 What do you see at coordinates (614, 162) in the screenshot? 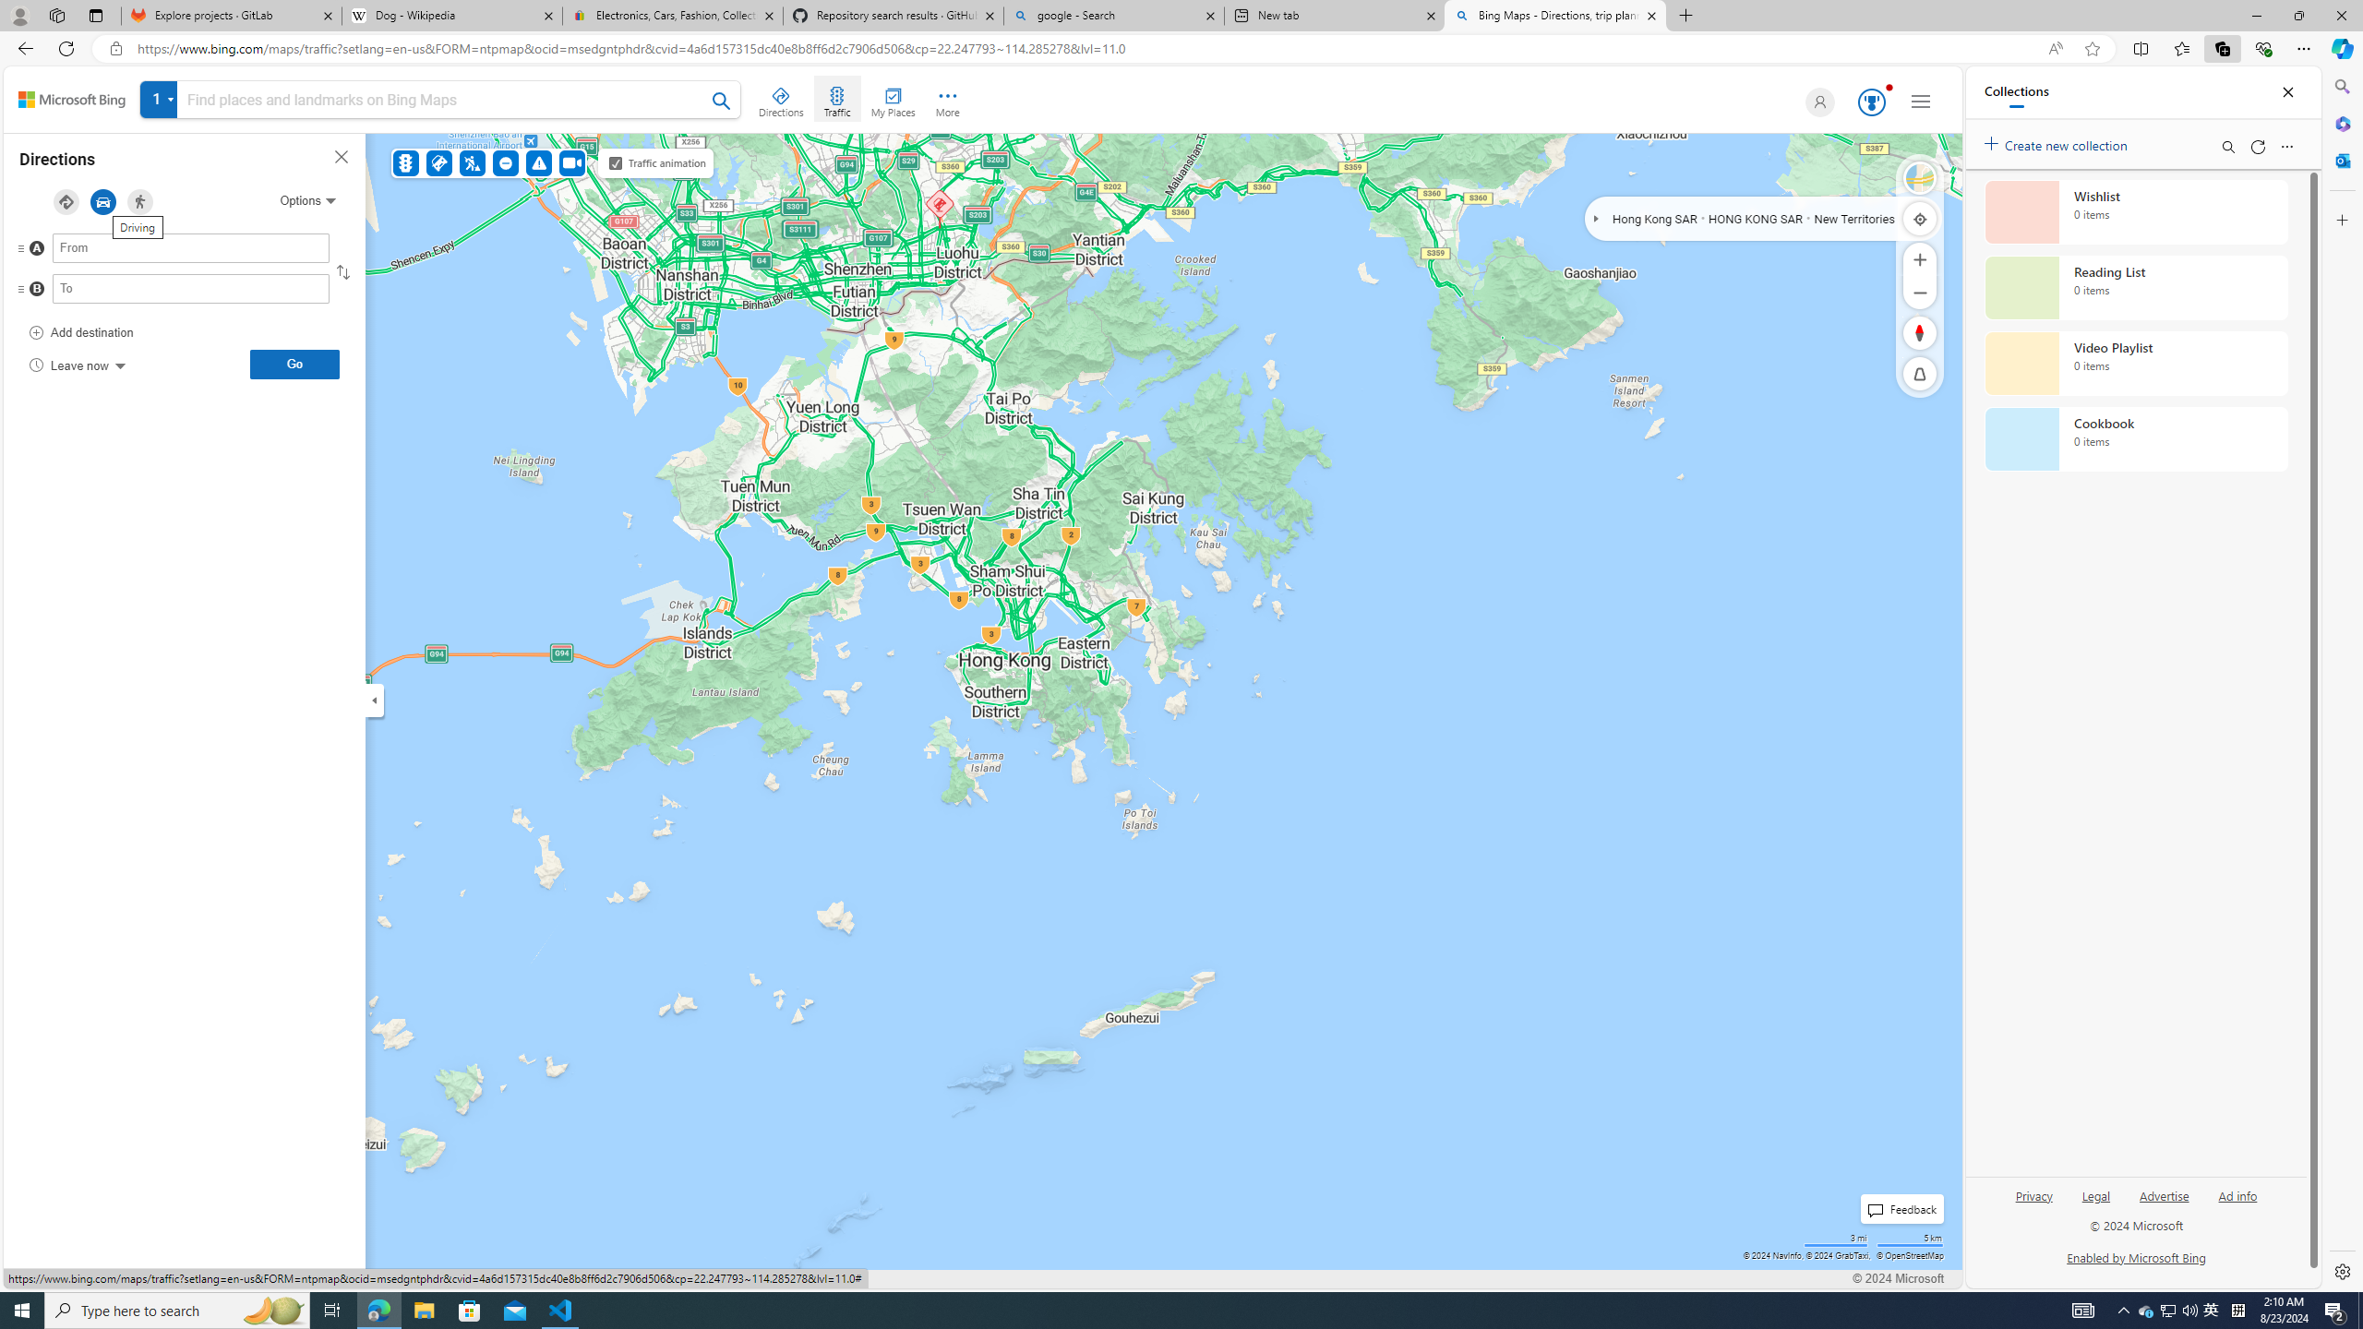
I see `'Traffic animation'` at bounding box center [614, 162].